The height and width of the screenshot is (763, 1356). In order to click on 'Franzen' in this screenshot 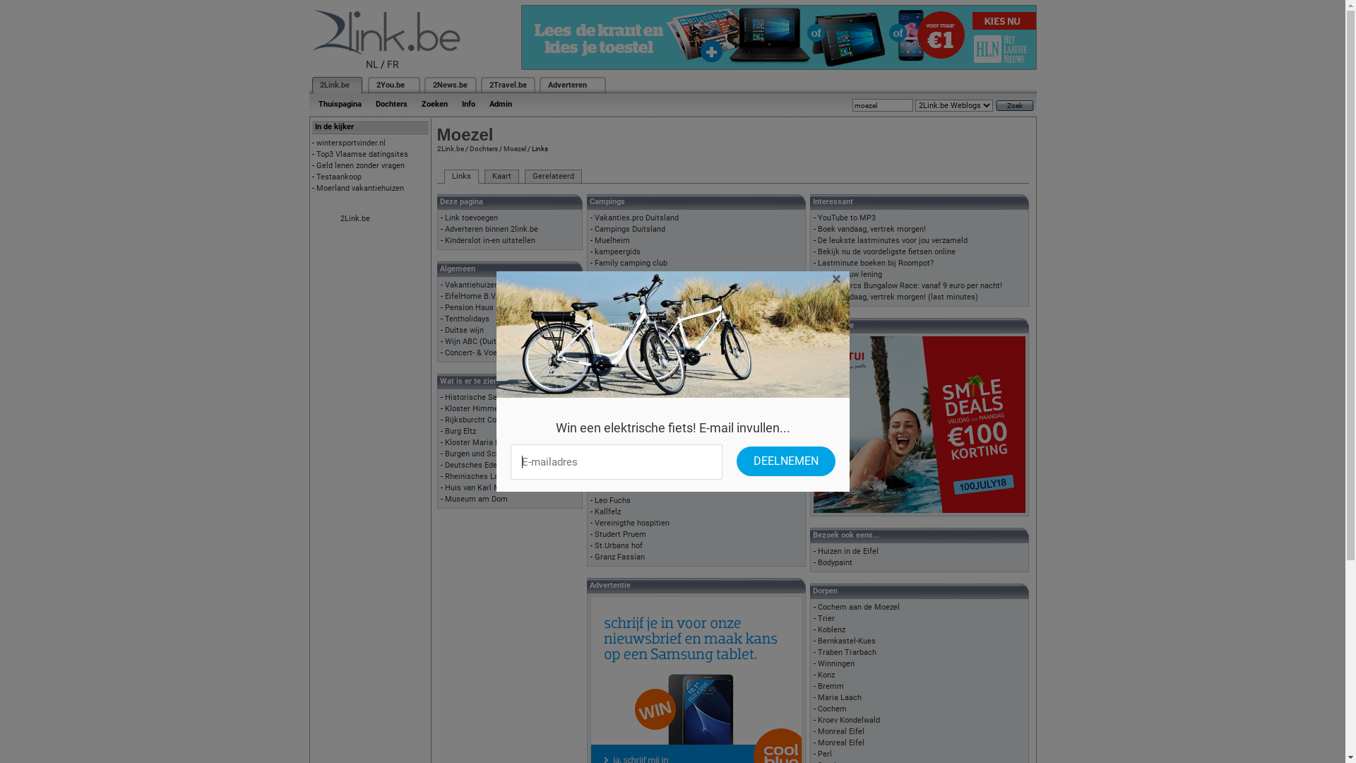, I will do `click(608, 477)`.